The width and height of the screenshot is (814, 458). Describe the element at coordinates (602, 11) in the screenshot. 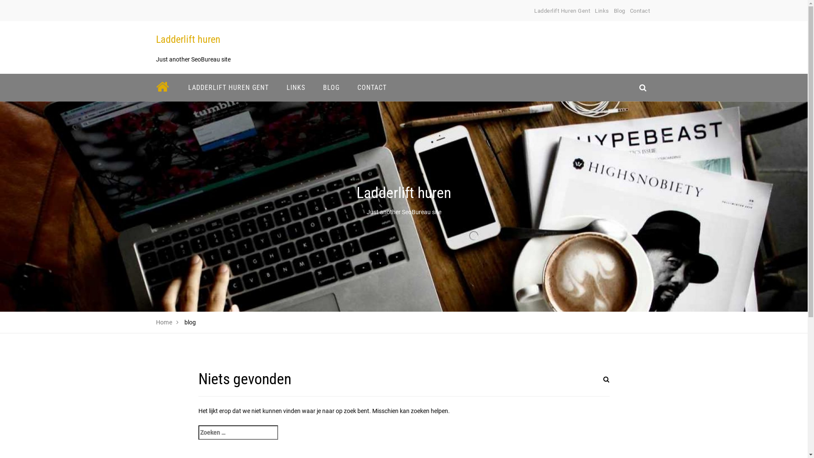

I see `'Links'` at that location.